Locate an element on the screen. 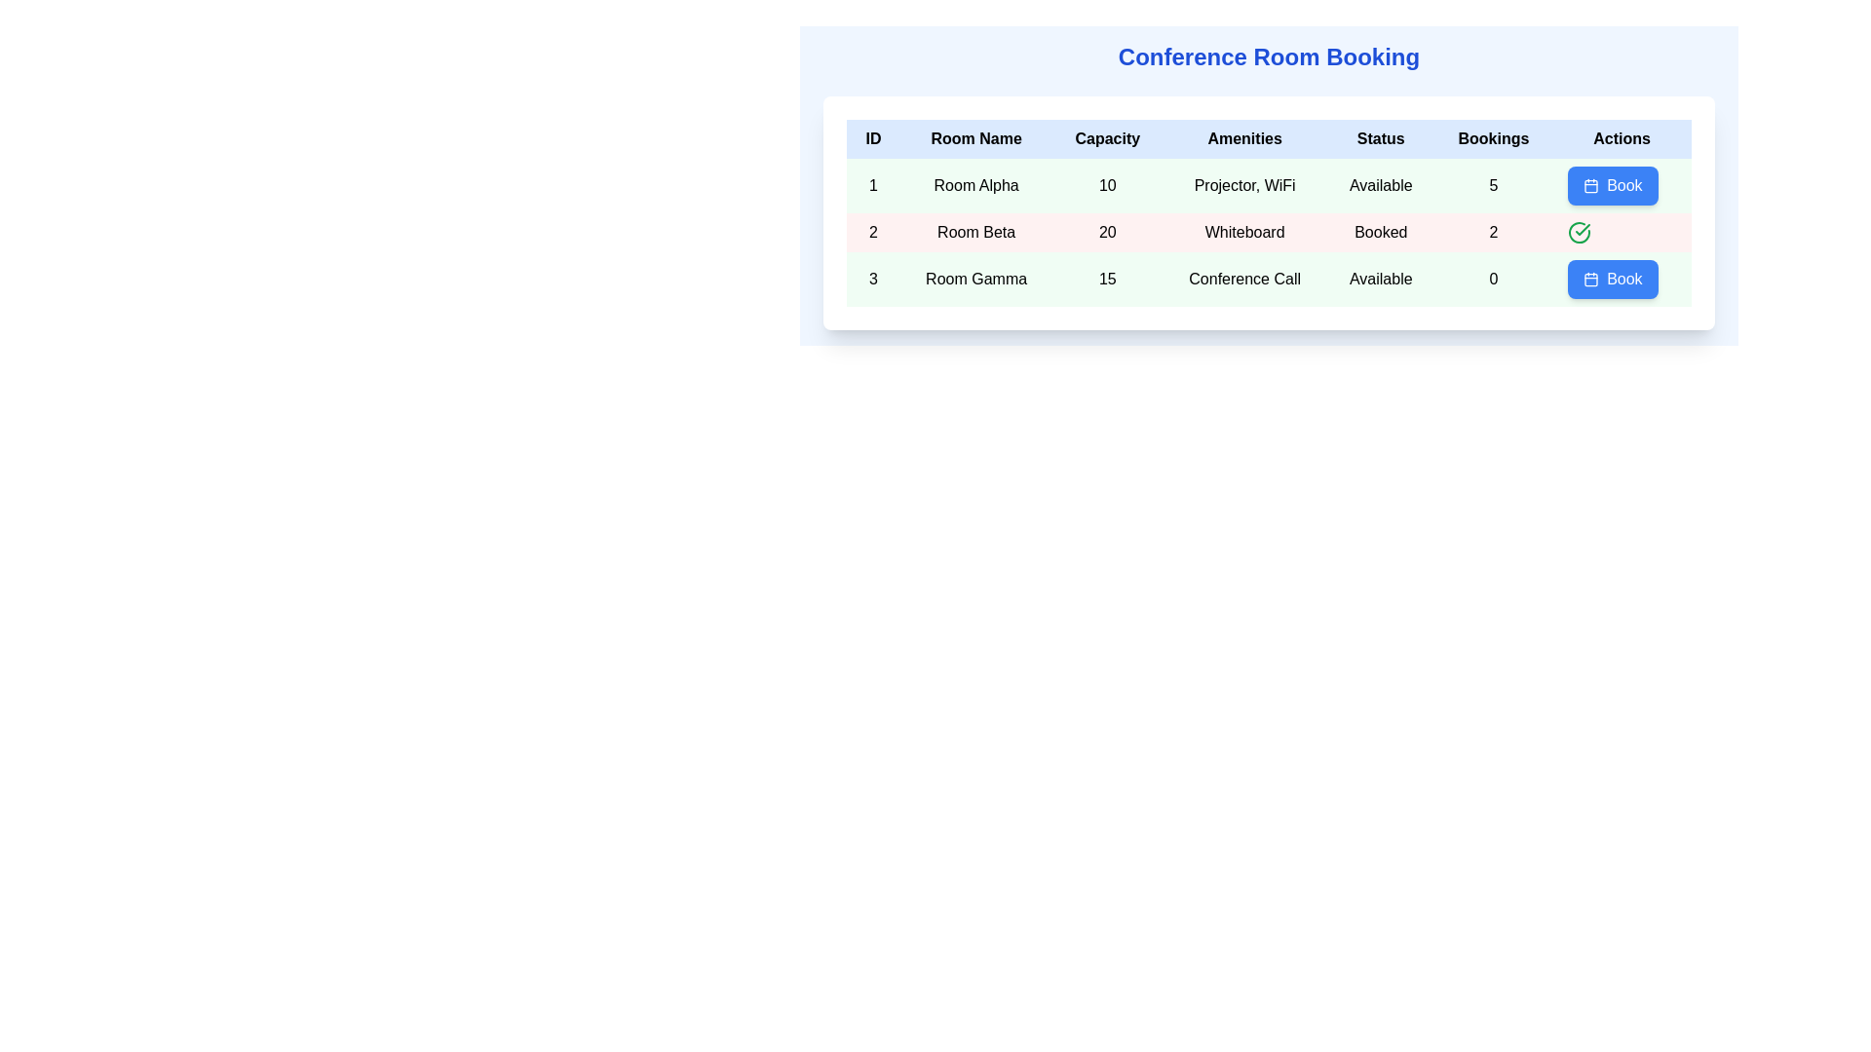  the 'Amenities' header text label in the fourth column of the table, which indicates the amenities associated with each room entry is located at coordinates (1243, 137).